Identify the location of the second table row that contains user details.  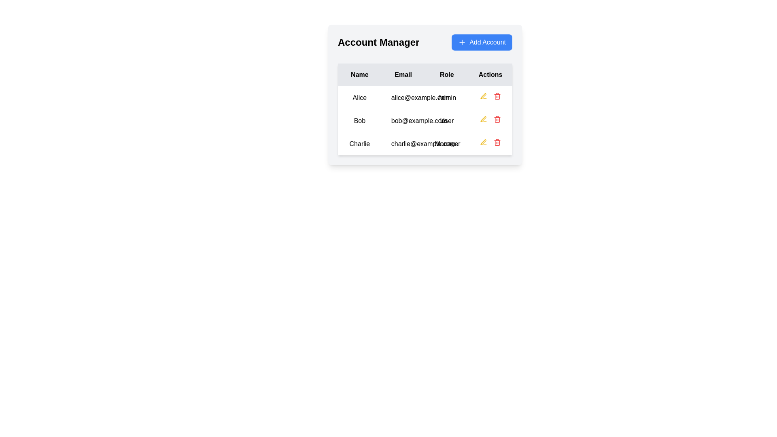
(425, 121).